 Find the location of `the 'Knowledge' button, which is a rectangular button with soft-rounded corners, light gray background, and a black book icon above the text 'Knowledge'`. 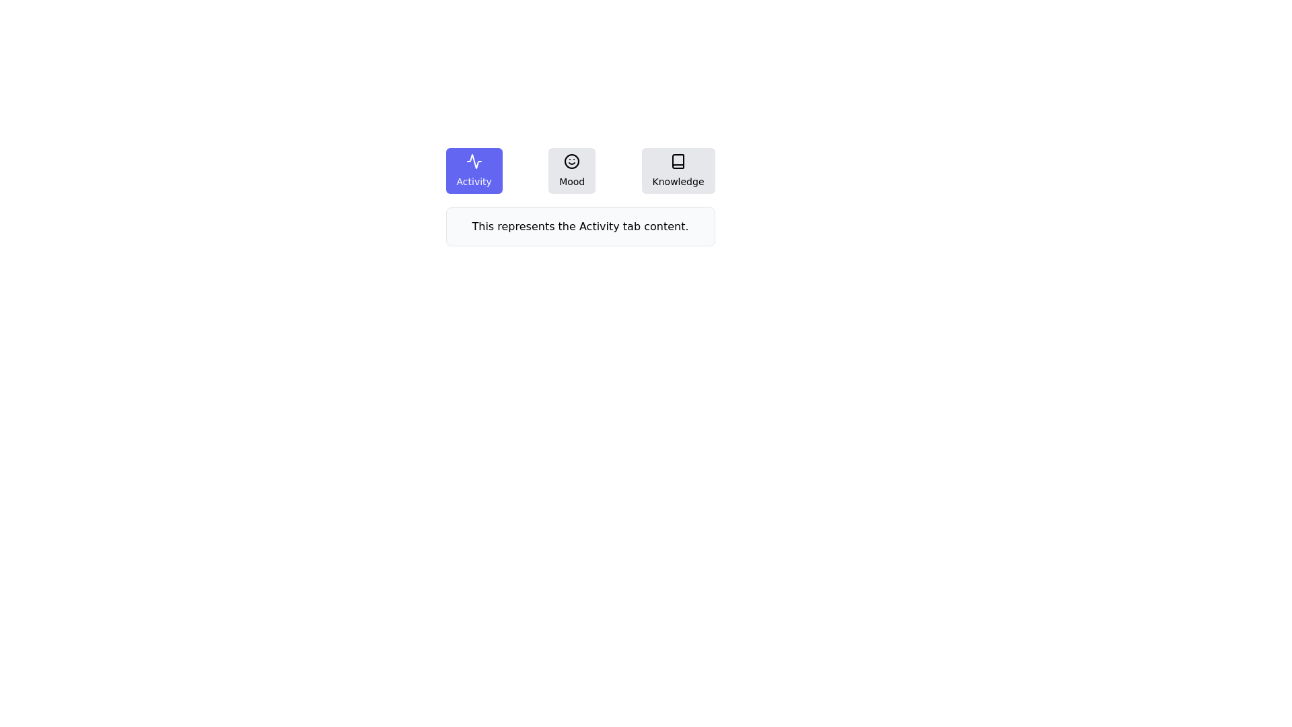

the 'Knowledge' button, which is a rectangular button with soft-rounded corners, light gray background, and a black book icon above the text 'Knowledge' is located at coordinates (678, 170).